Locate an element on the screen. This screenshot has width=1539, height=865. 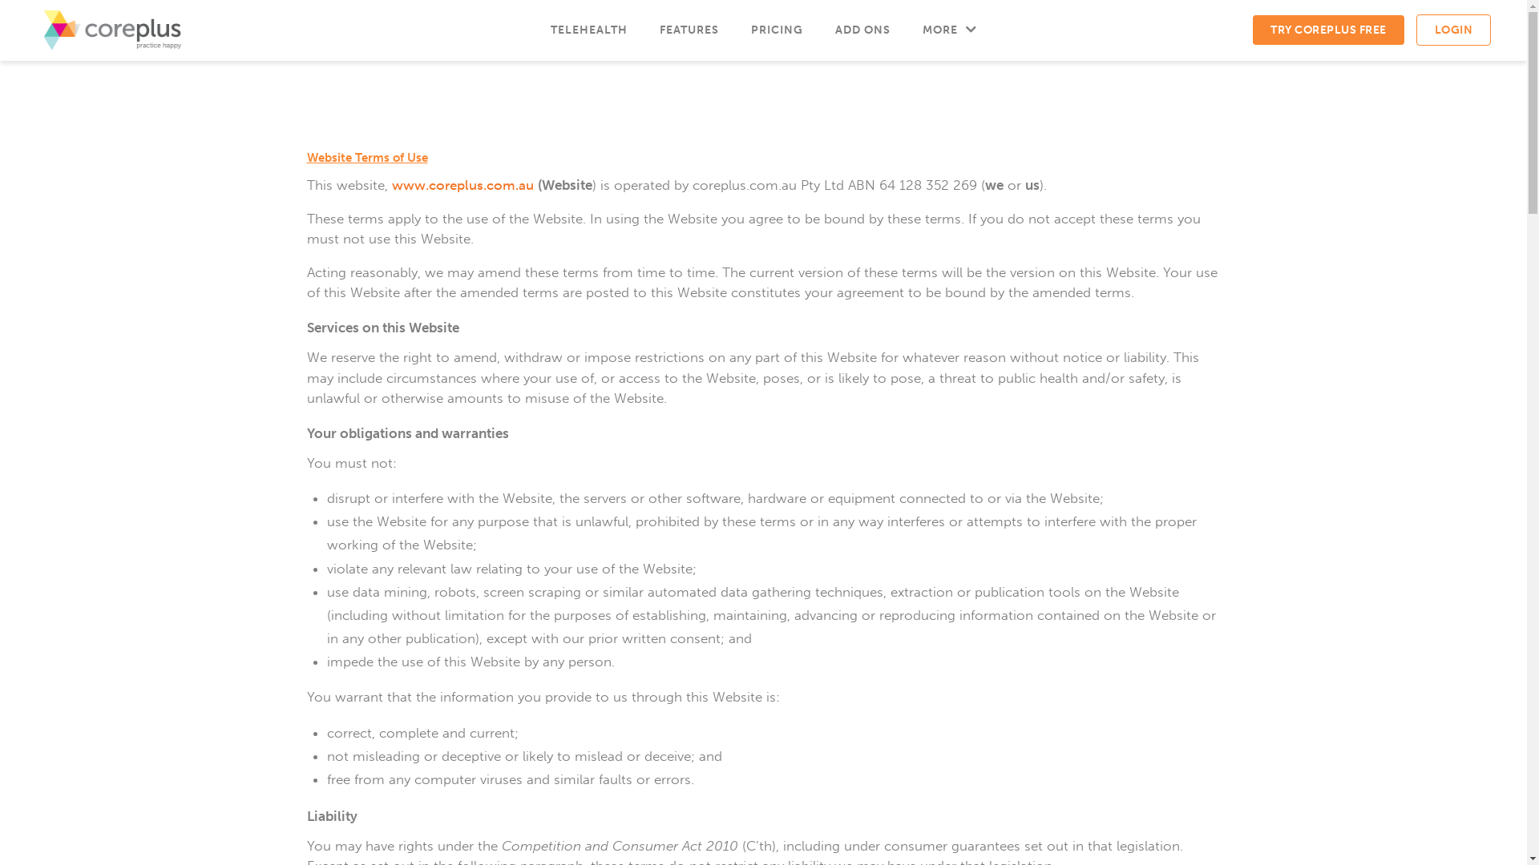
'LOGIN' is located at coordinates (1453, 30).